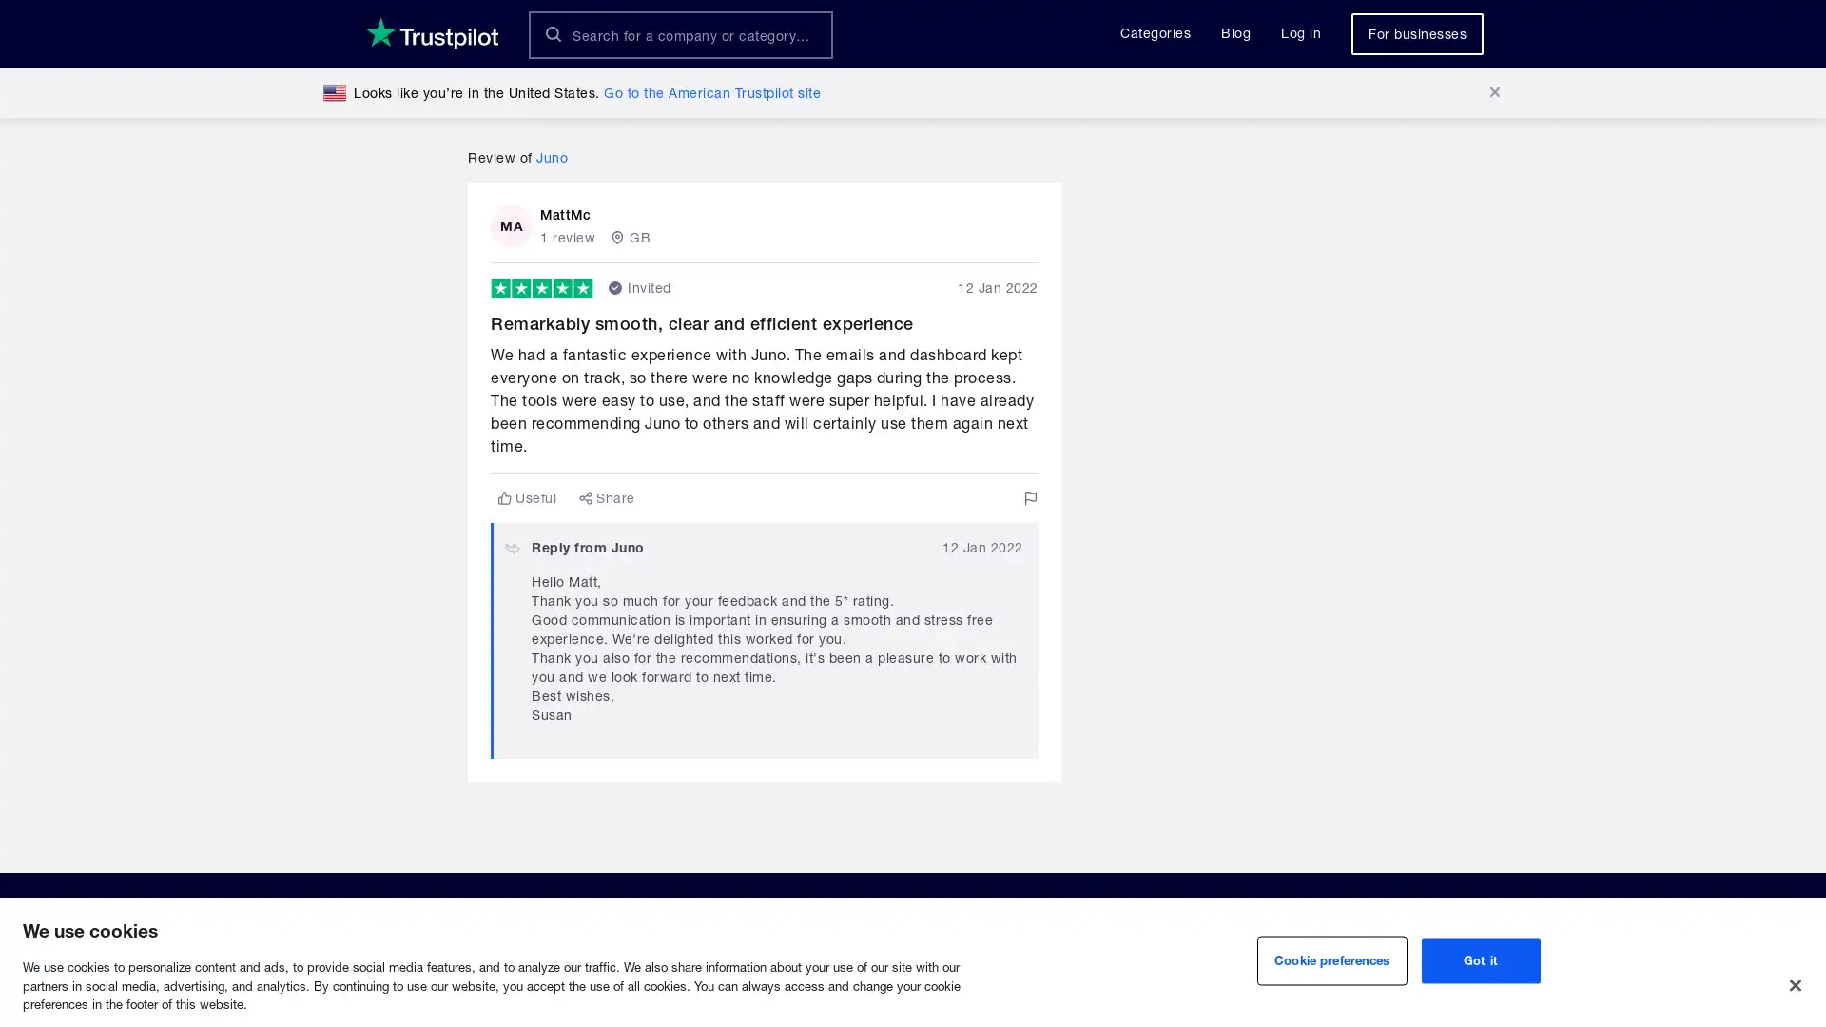 Image resolution: width=1826 pixels, height=1027 pixels. Describe the element at coordinates (527, 497) in the screenshot. I see `Useful` at that location.